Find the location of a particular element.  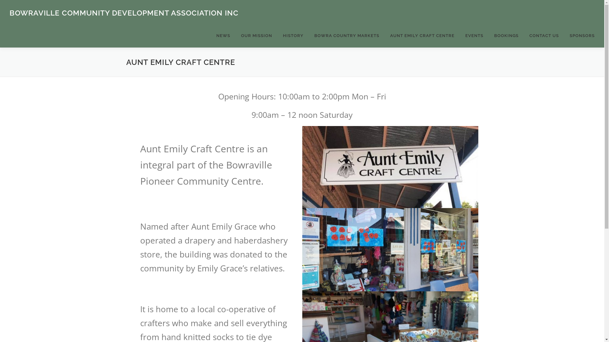

'OUR MISSION' is located at coordinates (257, 35).